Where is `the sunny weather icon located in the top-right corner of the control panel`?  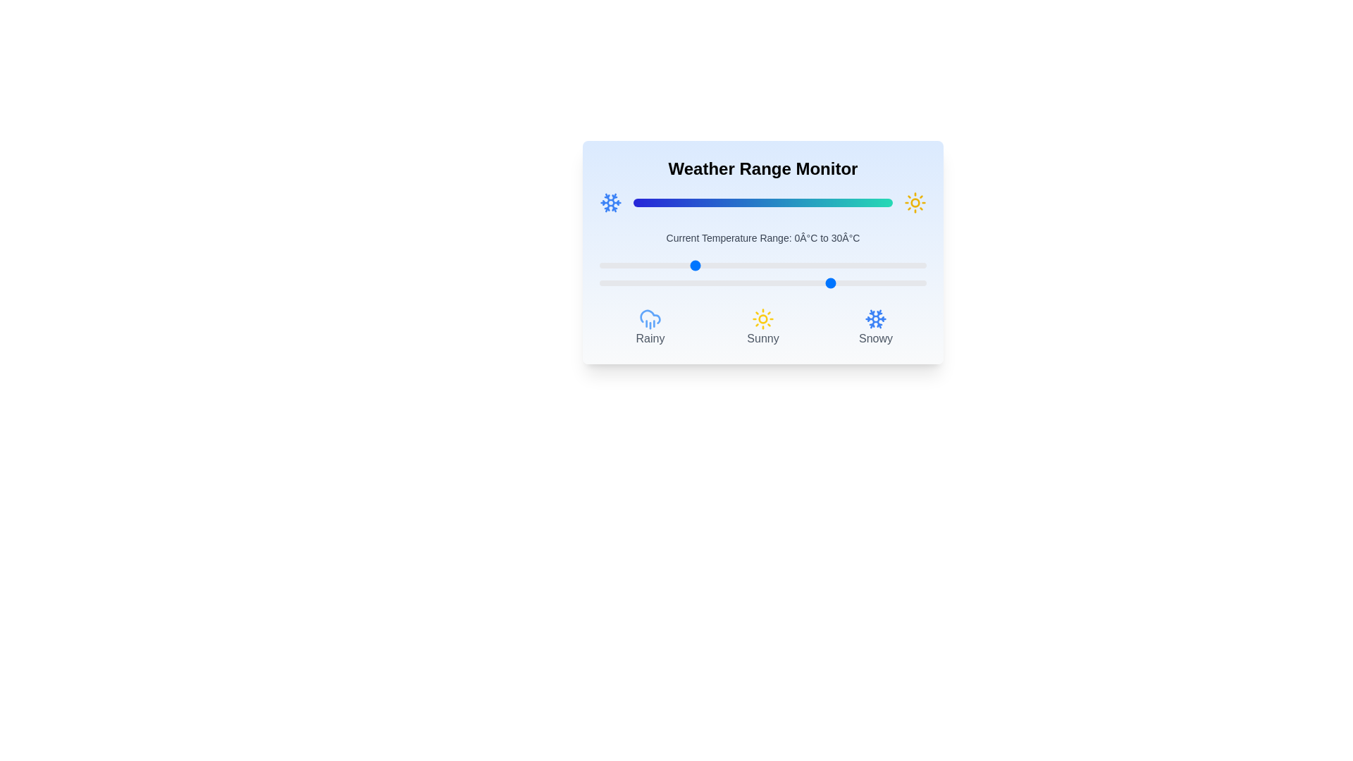
the sunny weather icon located in the top-right corner of the control panel is located at coordinates (915, 203).